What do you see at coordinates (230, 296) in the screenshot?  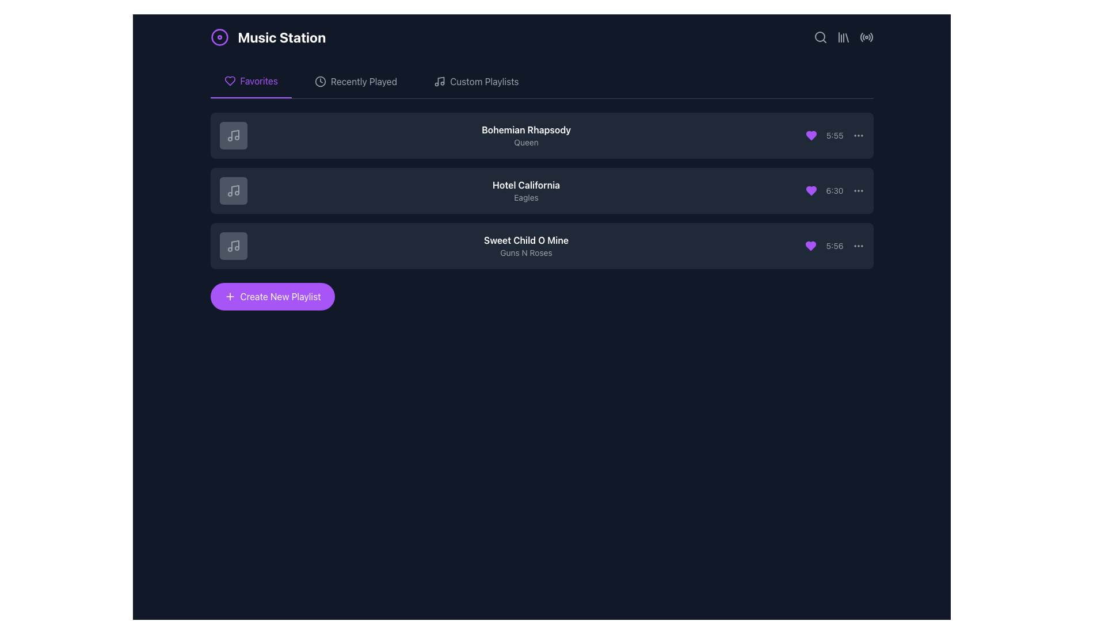 I see `the circular '+' icon with a purple background that is part of the 'Create New Playlist' button, located towards the bottom-left side of the interface` at bounding box center [230, 296].